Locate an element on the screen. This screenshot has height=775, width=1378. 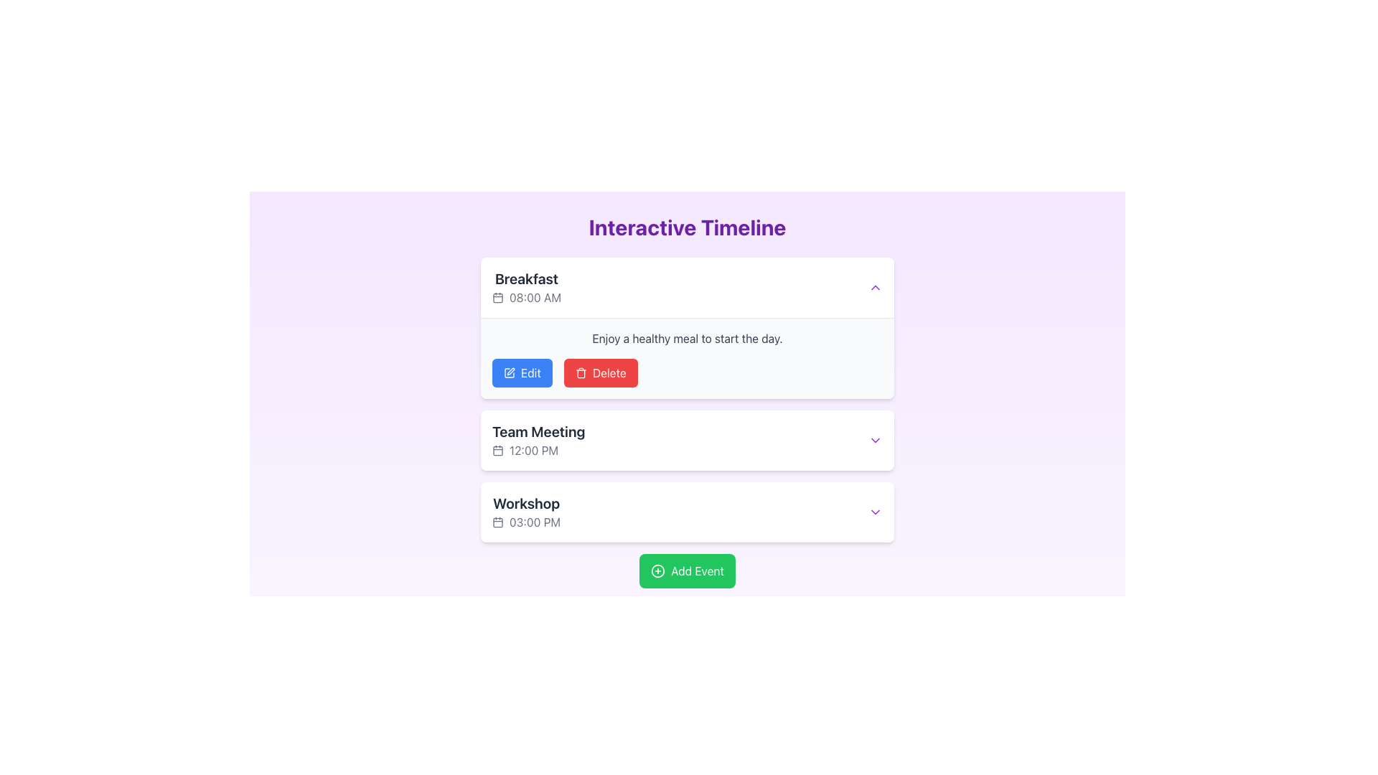
the hollow rectangular shape that represents the trash bin icon within the expanded card for the 'Breakfast' event is located at coordinates (581, 373).